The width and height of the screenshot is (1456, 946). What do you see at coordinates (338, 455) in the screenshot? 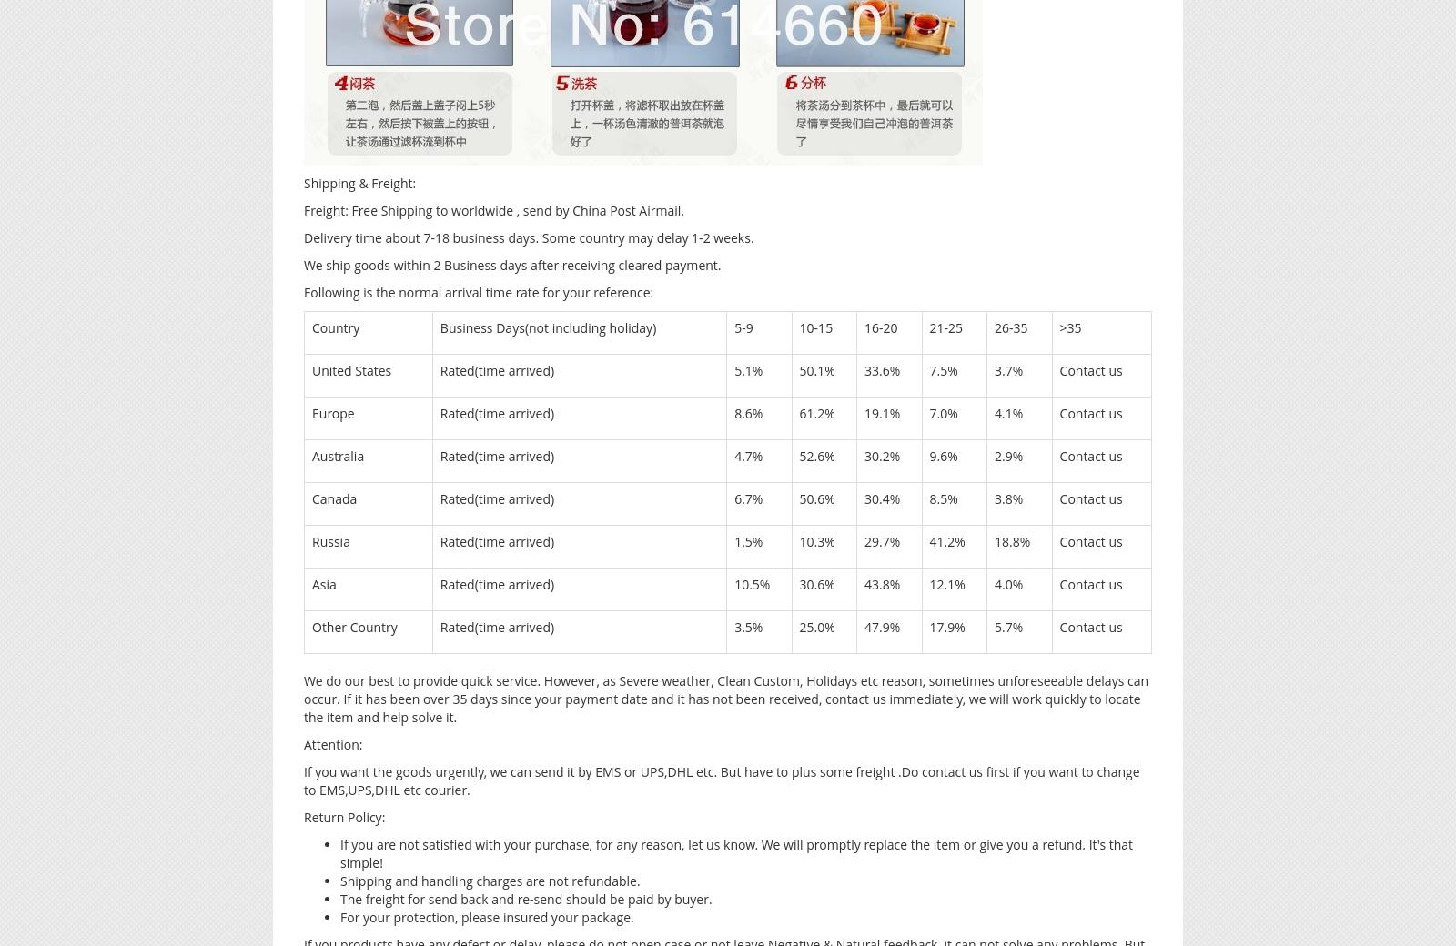
I see `'Australia'` at bounding box center [338, 455].